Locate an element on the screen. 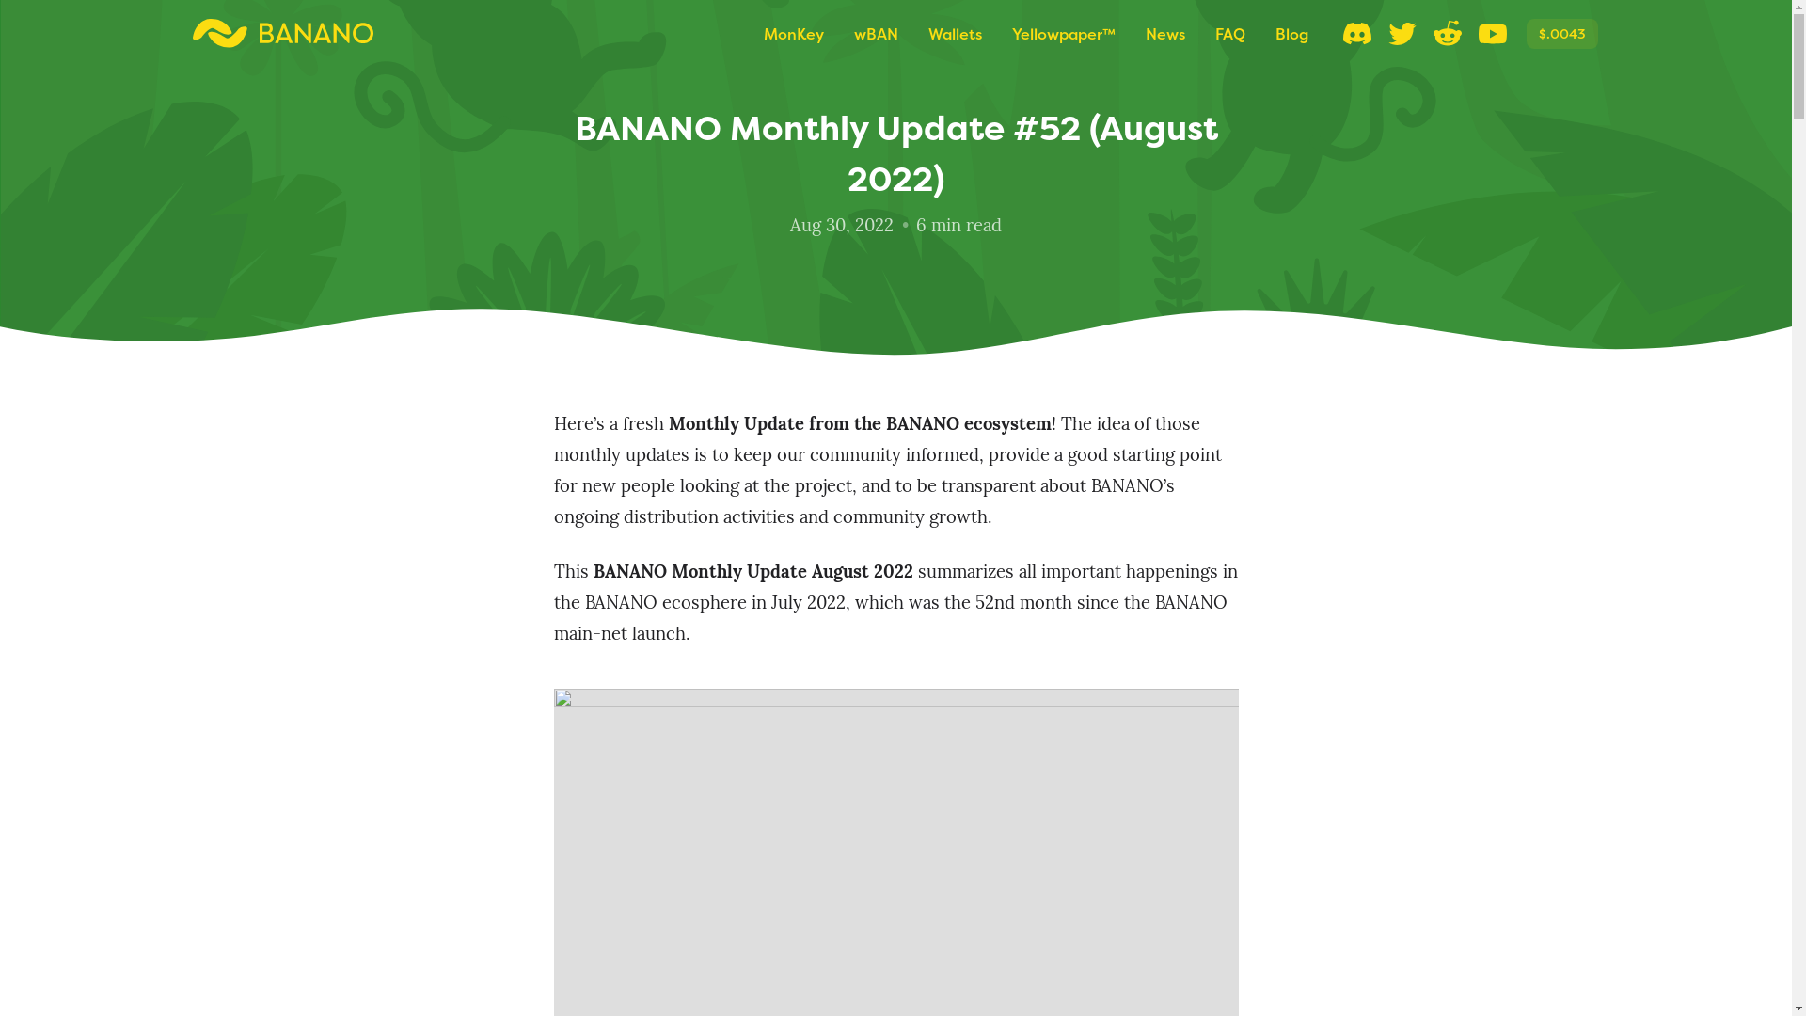 This screenshot has width=1806, height=1016. '$.0043' is located at coordinates (1526, 34).